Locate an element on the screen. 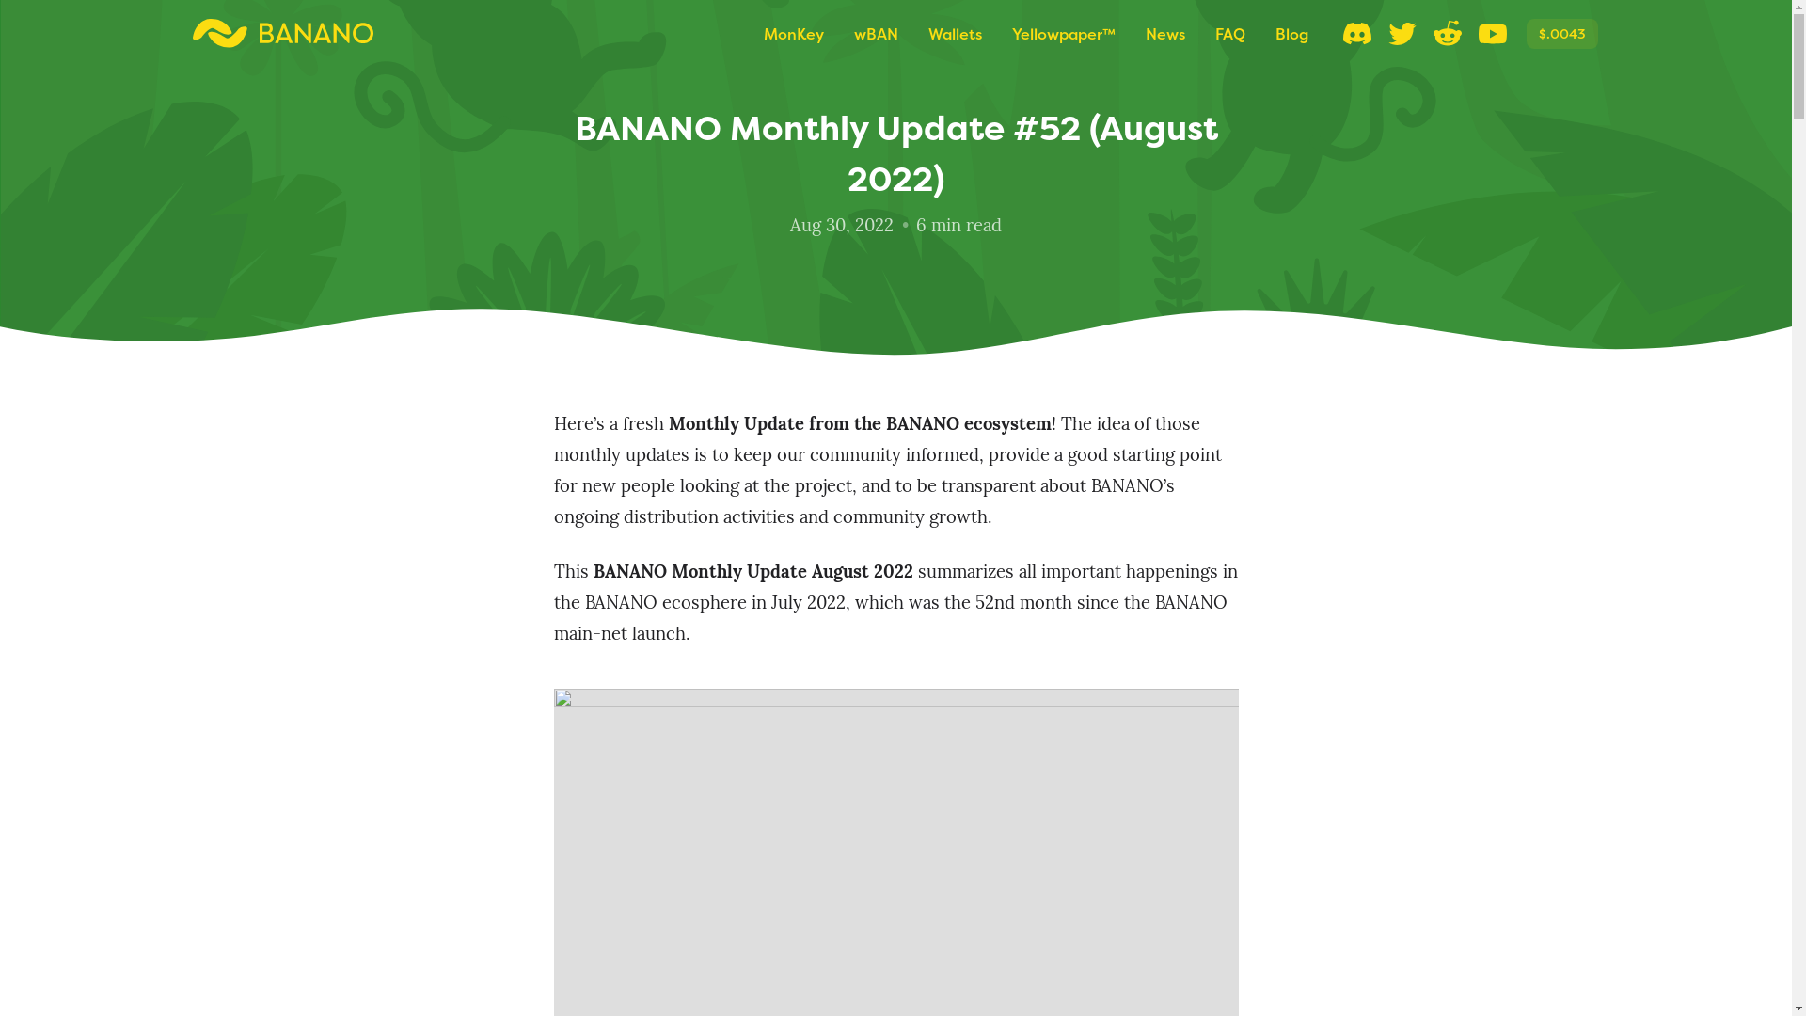 This screenshot has width=1806, height=1016. '$.0043' is located at coordinates (1526, 34).